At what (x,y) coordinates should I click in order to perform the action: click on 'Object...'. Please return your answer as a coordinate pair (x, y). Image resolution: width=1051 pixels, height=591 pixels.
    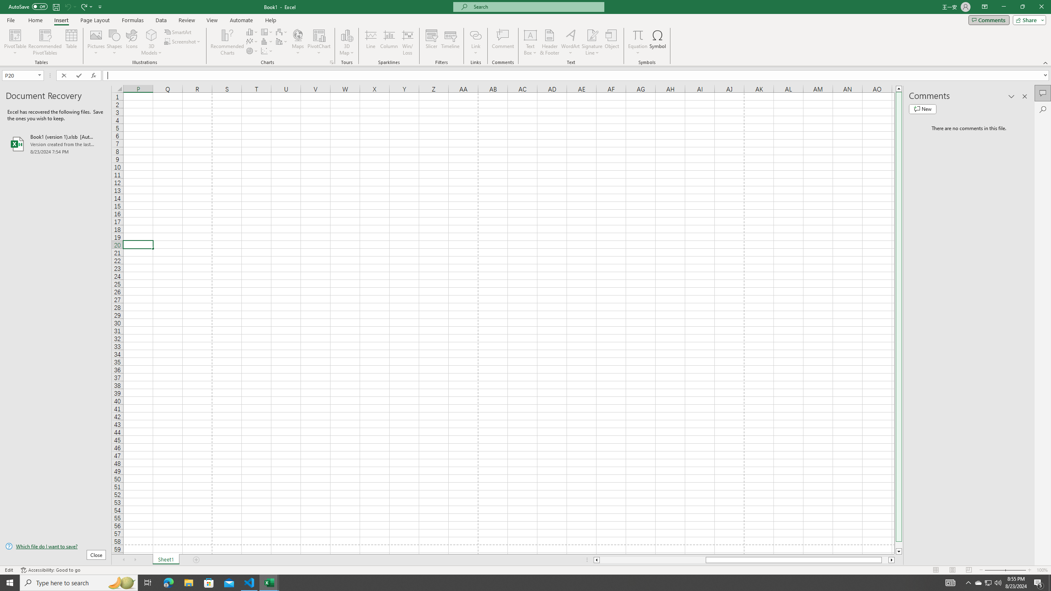
    Looking at the image, I should click on (612, 42).